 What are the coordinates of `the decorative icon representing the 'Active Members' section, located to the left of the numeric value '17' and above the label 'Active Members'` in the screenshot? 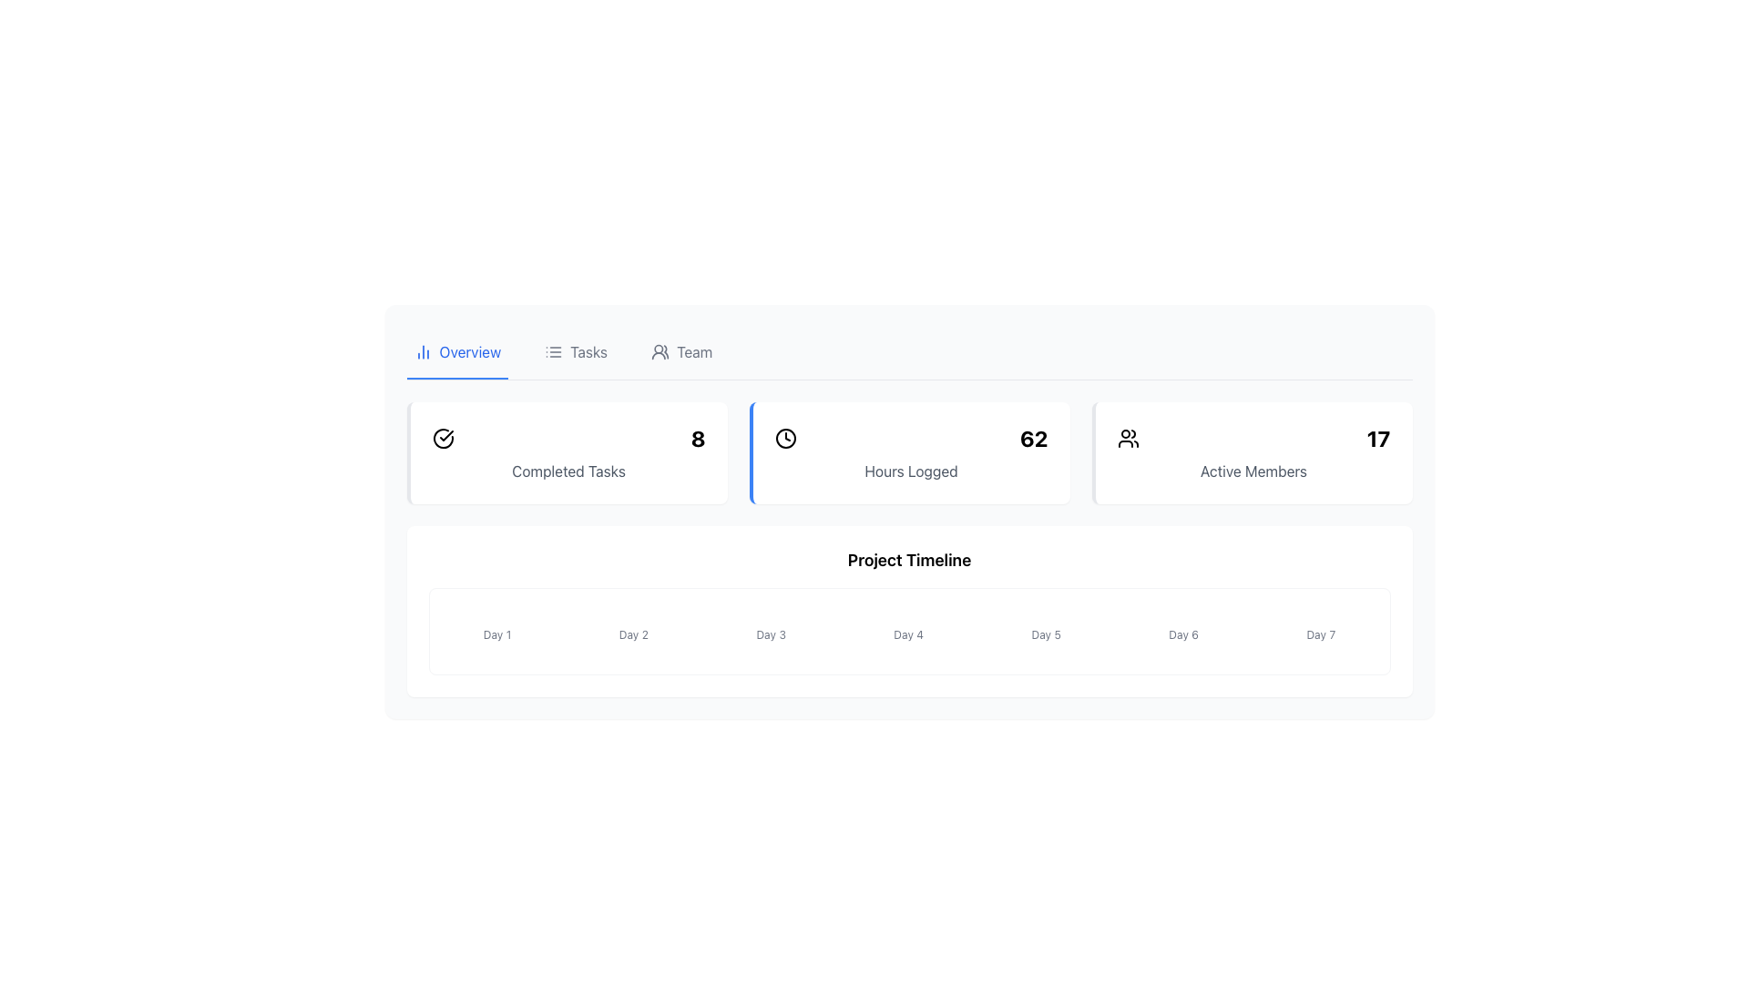 It's located at (1127, 439).